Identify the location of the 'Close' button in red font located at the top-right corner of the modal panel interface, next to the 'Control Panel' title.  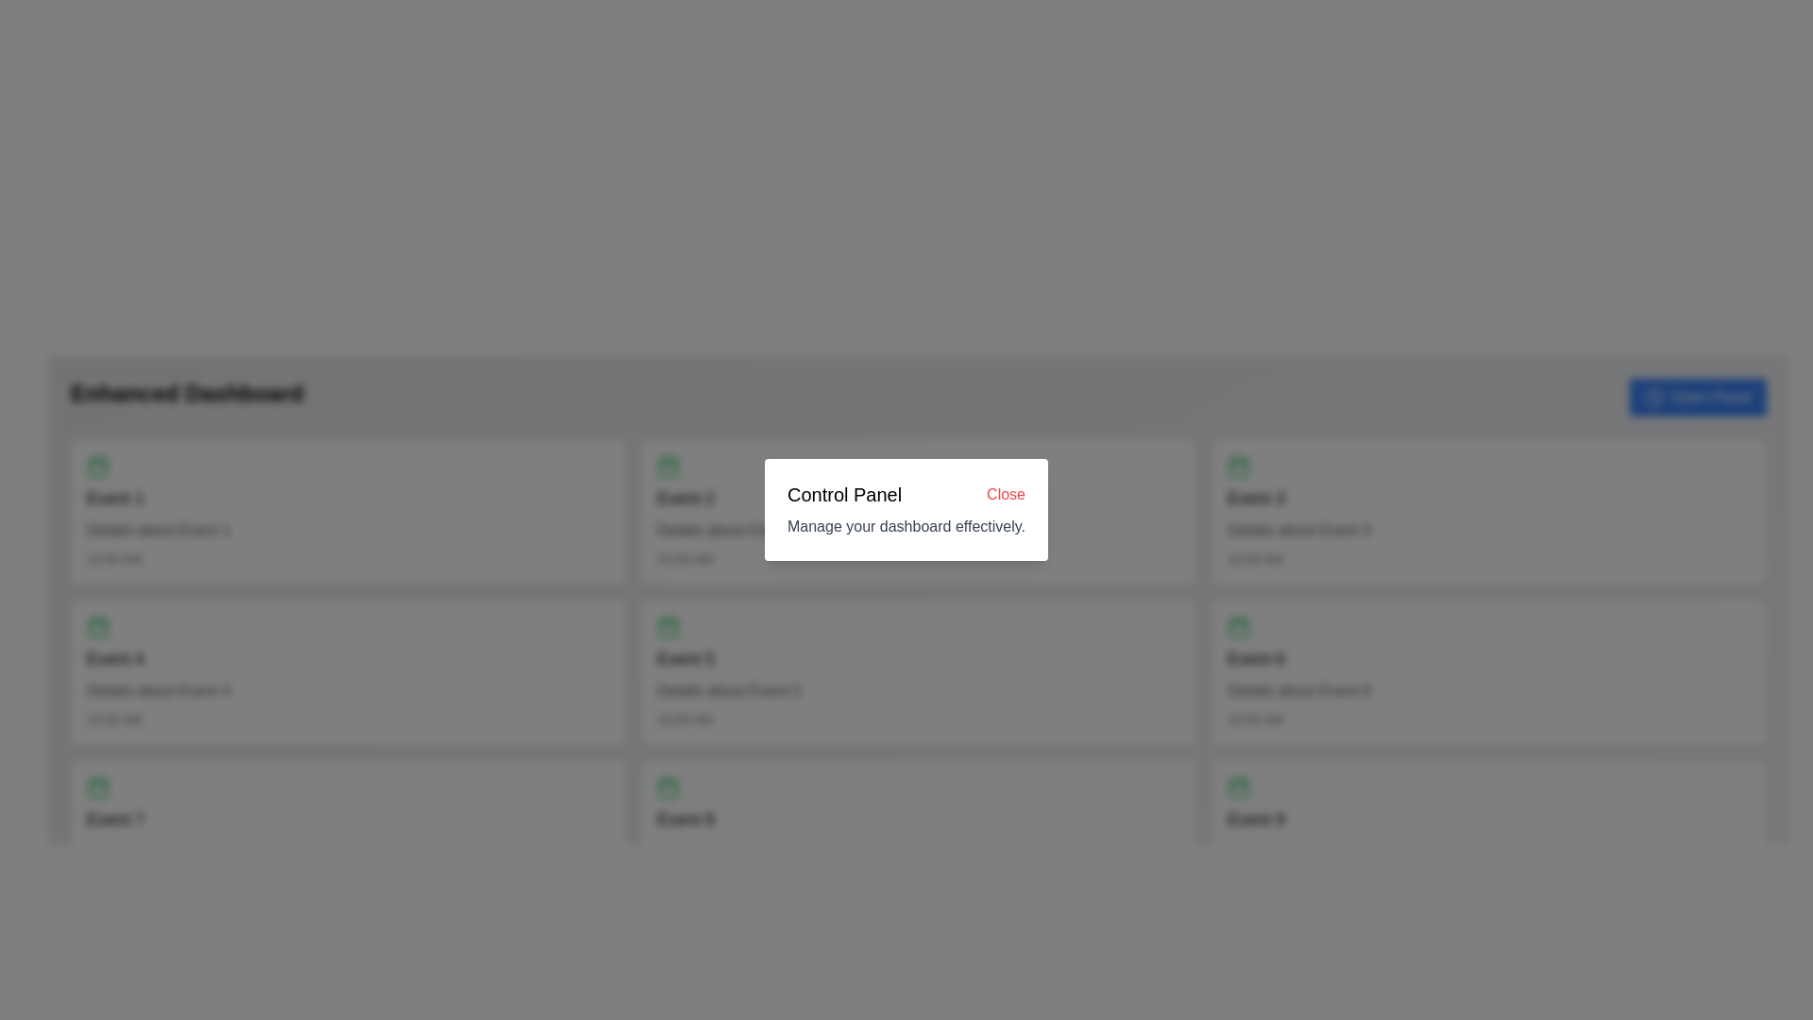
(1005, 494).